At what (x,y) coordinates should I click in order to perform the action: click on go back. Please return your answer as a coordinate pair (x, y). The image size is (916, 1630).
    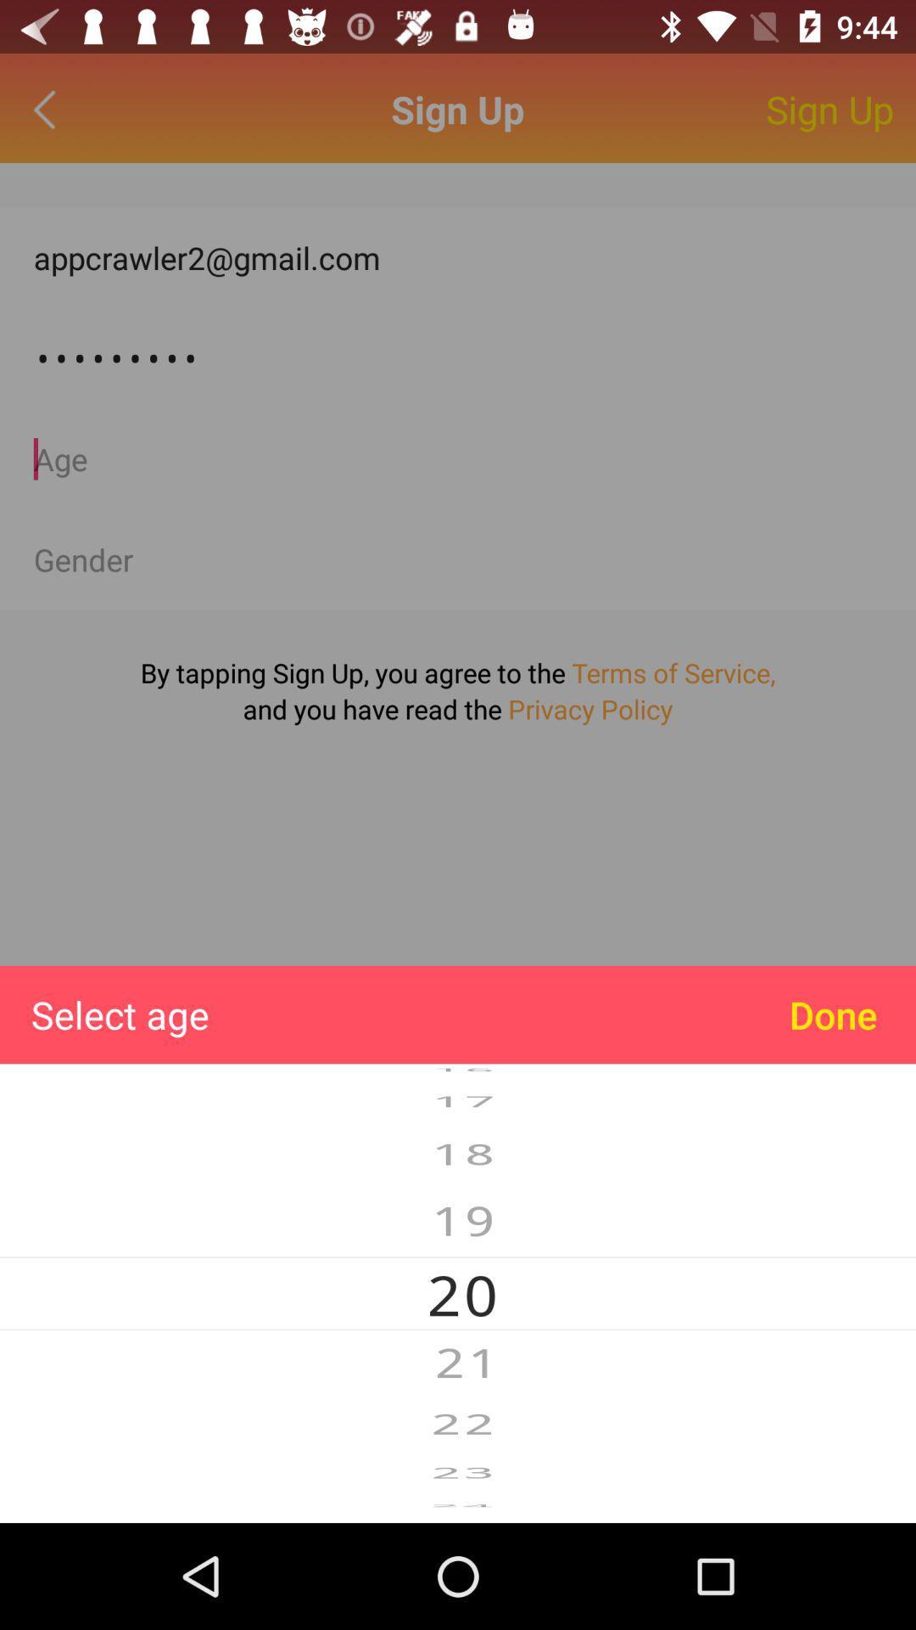
    Looking at the image, I should click on (47, 109).